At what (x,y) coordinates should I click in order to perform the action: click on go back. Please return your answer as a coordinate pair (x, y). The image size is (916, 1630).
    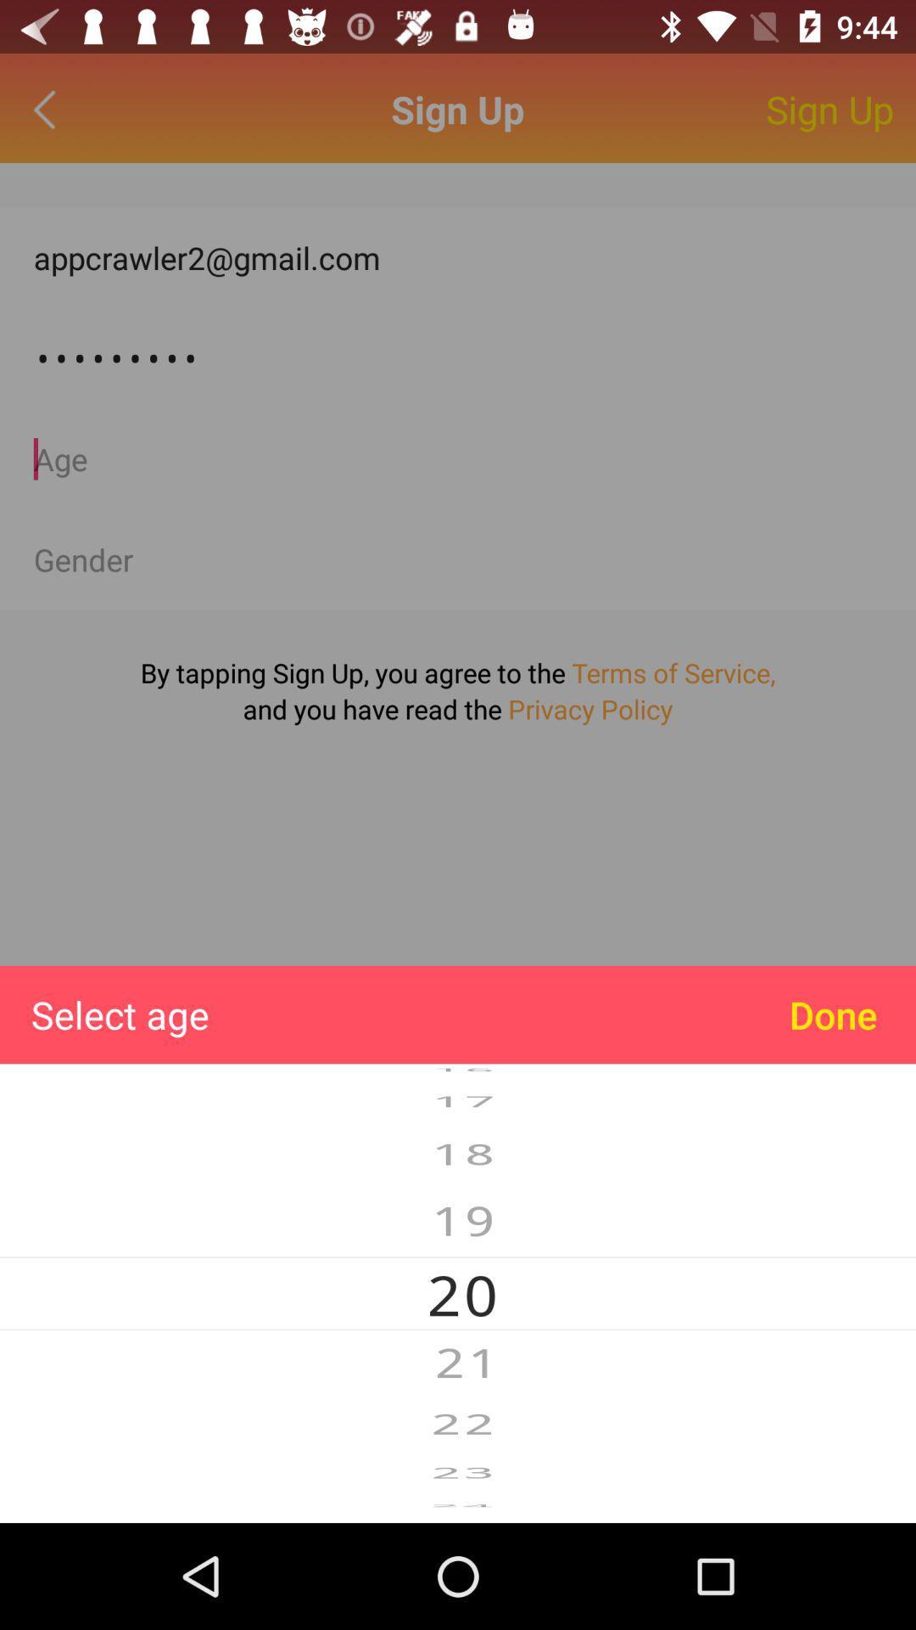
    Looking at the image, I should click on (47, 109).